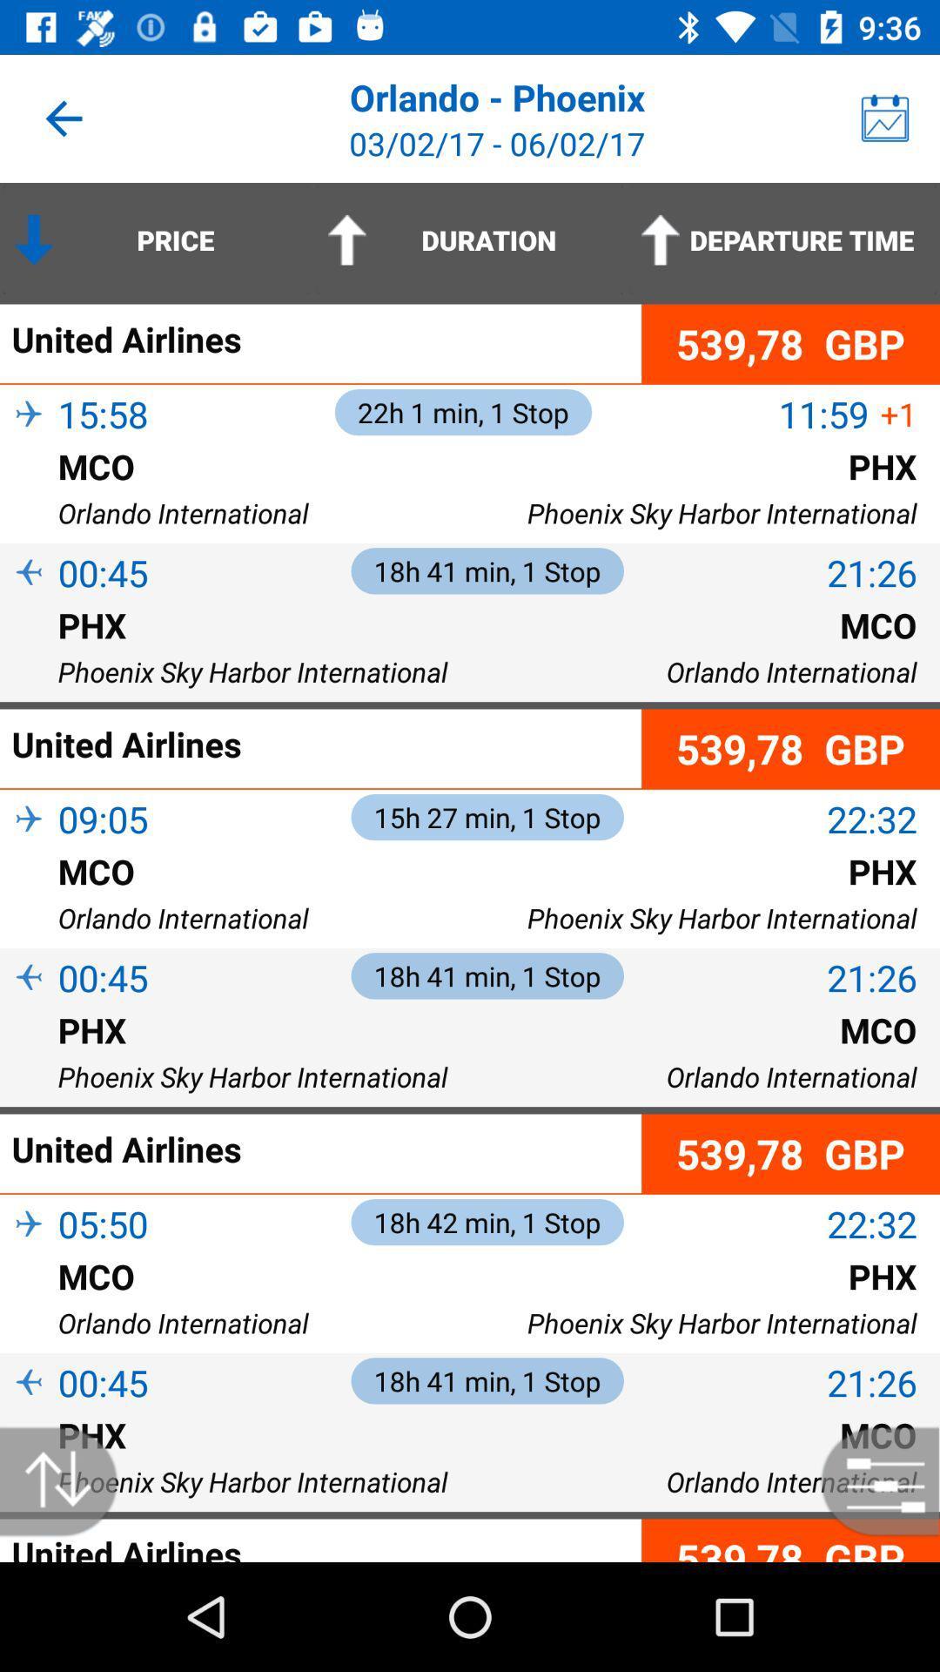 This screenshot has width=940, height=1672. Describe the element at coordinates (29, 900) in the screenshot. I see `item below the mco icon` at that location.